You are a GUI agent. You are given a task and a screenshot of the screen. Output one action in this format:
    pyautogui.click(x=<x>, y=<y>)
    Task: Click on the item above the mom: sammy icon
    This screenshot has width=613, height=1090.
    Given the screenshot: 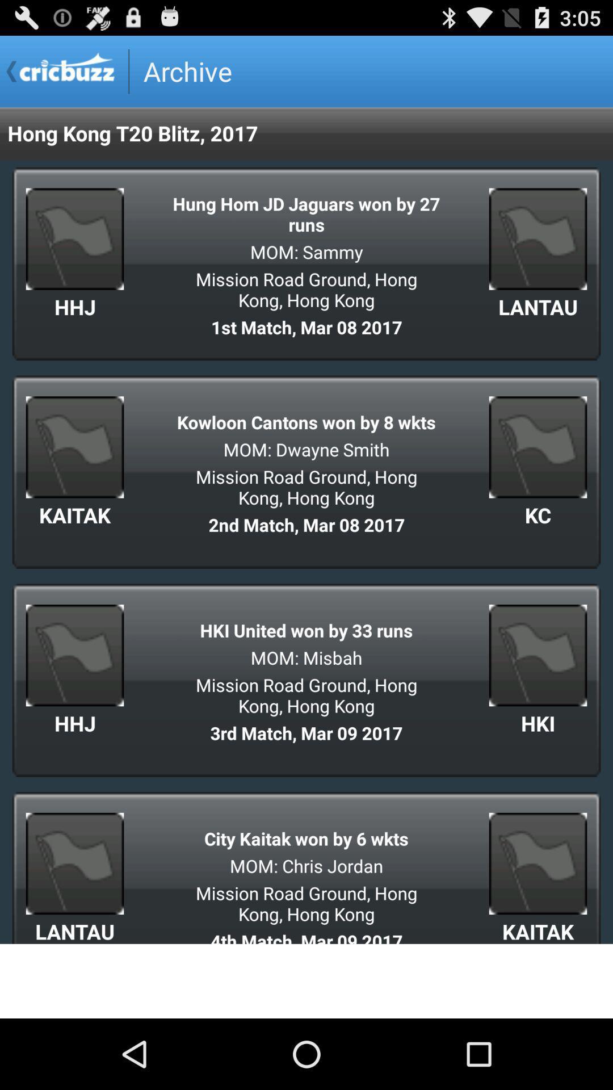 What is the action you would take?
    pyautogui.click(x=306, y=214)
    